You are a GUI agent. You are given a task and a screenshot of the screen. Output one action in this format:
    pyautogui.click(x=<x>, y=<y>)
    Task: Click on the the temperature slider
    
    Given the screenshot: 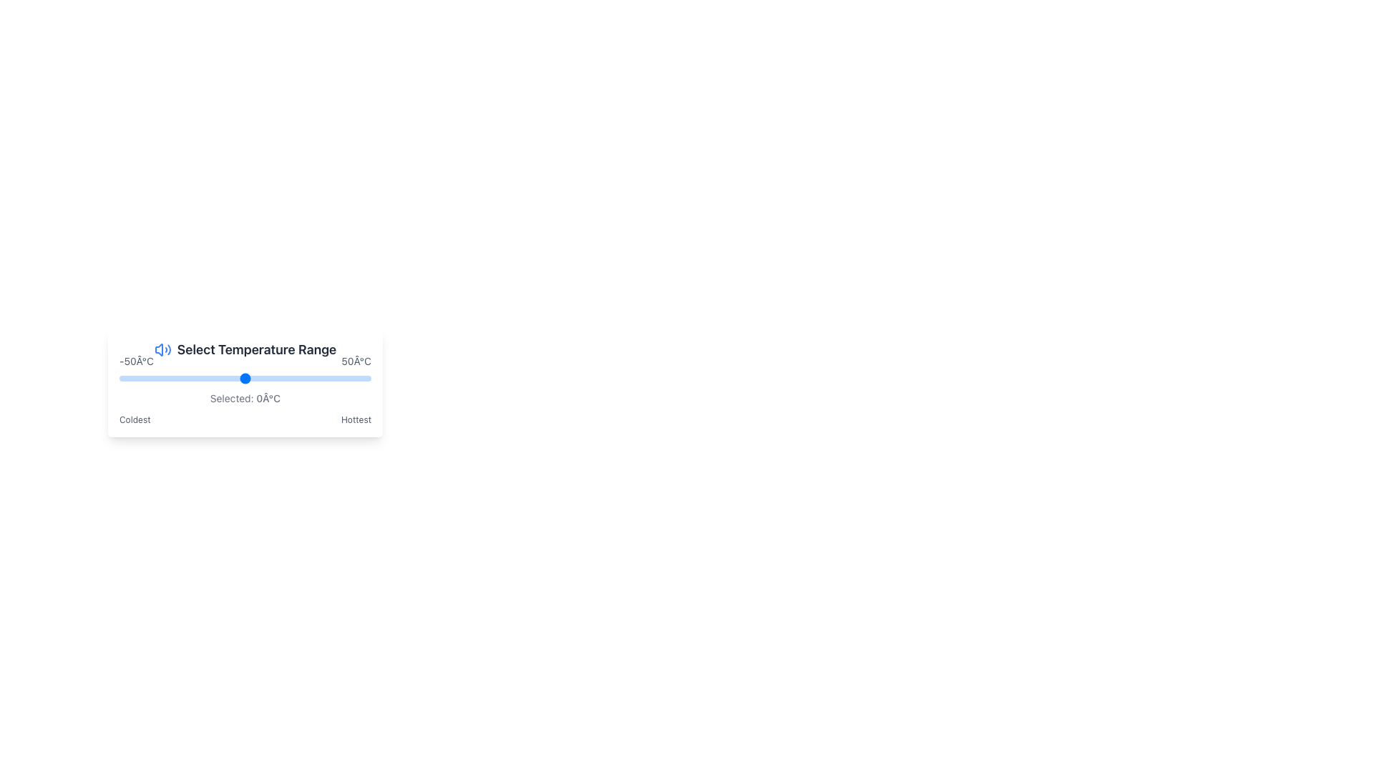 What is the action you would take?
    pyautogui.click(x=214, y=377)
    